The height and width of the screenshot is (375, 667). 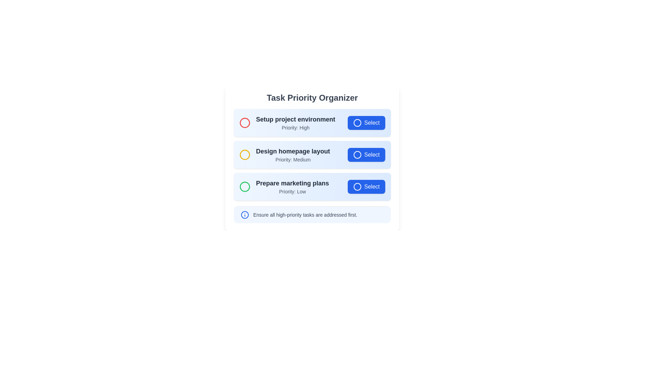 I want to click on text label that states 'Design homepage layout' and 'Priority: Medium', which is the second task in the 'Task Priority Organizer' list, so click(x=293, y=155).